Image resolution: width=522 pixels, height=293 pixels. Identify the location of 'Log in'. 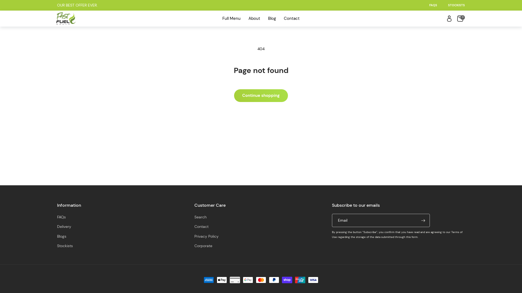
(449, 18).